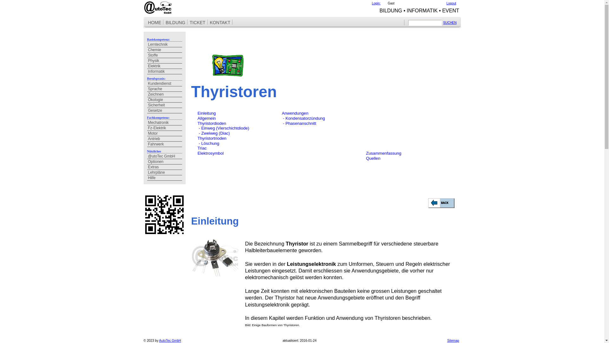 The width and height of the screenshot is (609, 343). Describe the element at coordinates (164, 50) in the screenshot. I see `'Chemie'` at that location.